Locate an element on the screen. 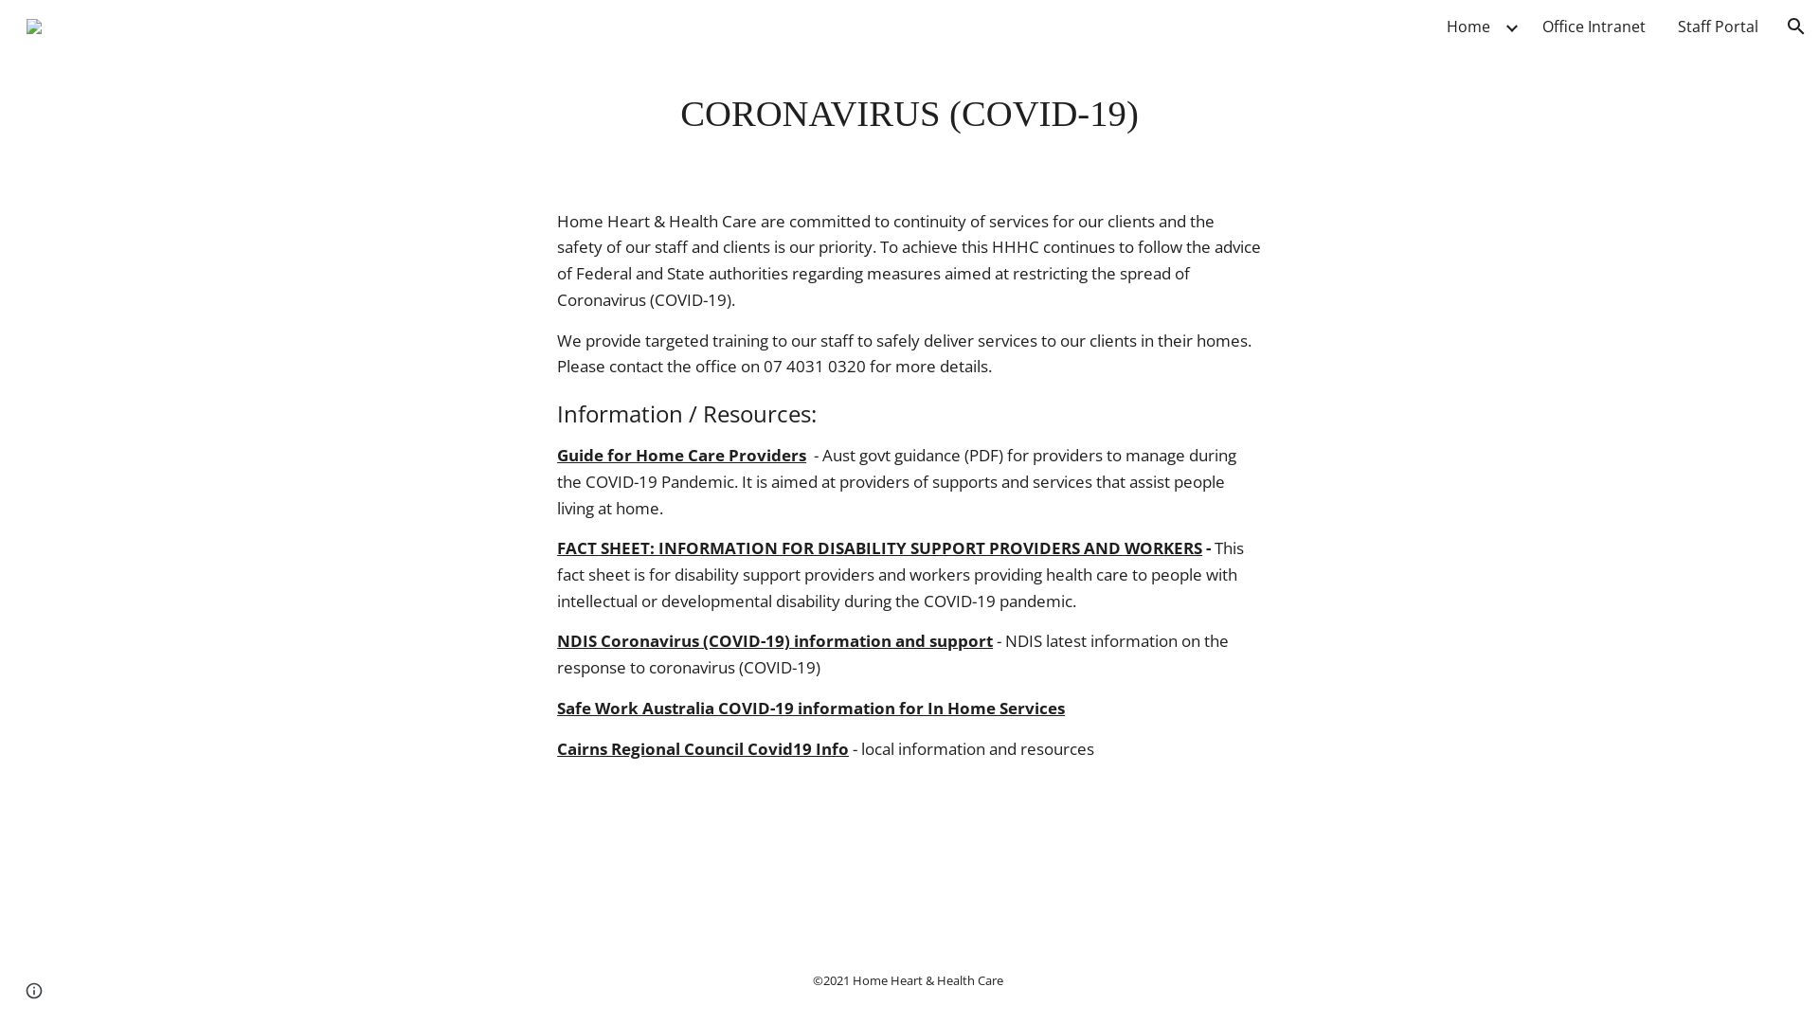  'Office Intranet' is located at coordinates (1593, 26).